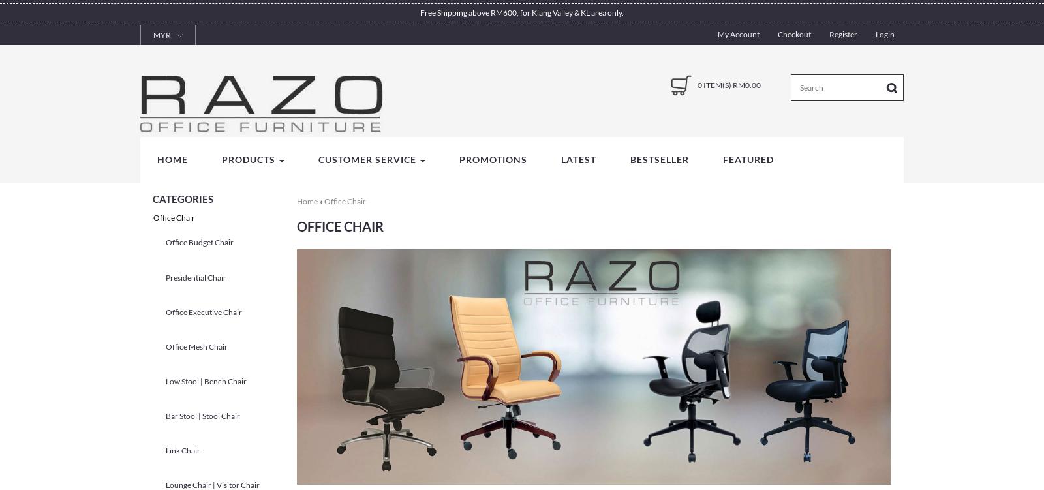 The height and width of the screenshot is (490, 1044). What do you see at coordinates (196, 345) in the screenshot?
I see `'Office Mesh Chair'` at bounding box center [196, 345].